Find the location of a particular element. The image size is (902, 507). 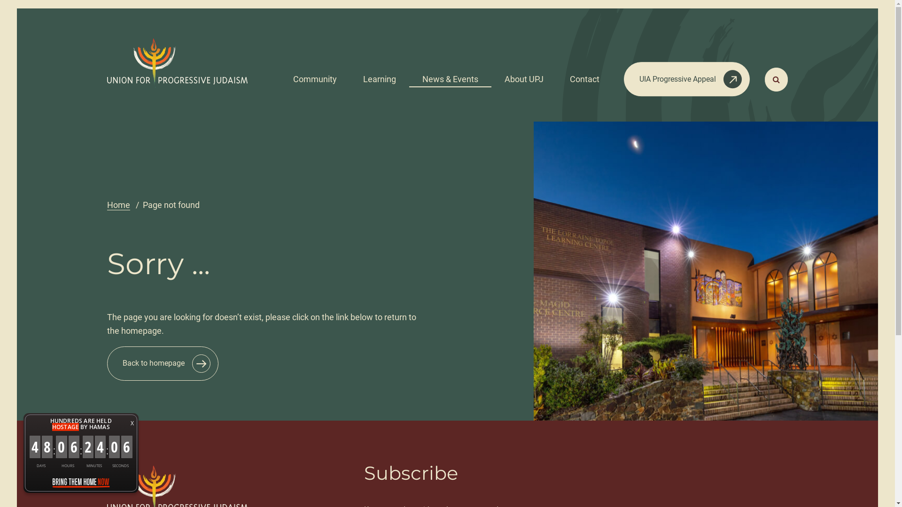

'About UPJ' is located at coordinates (523, 76).